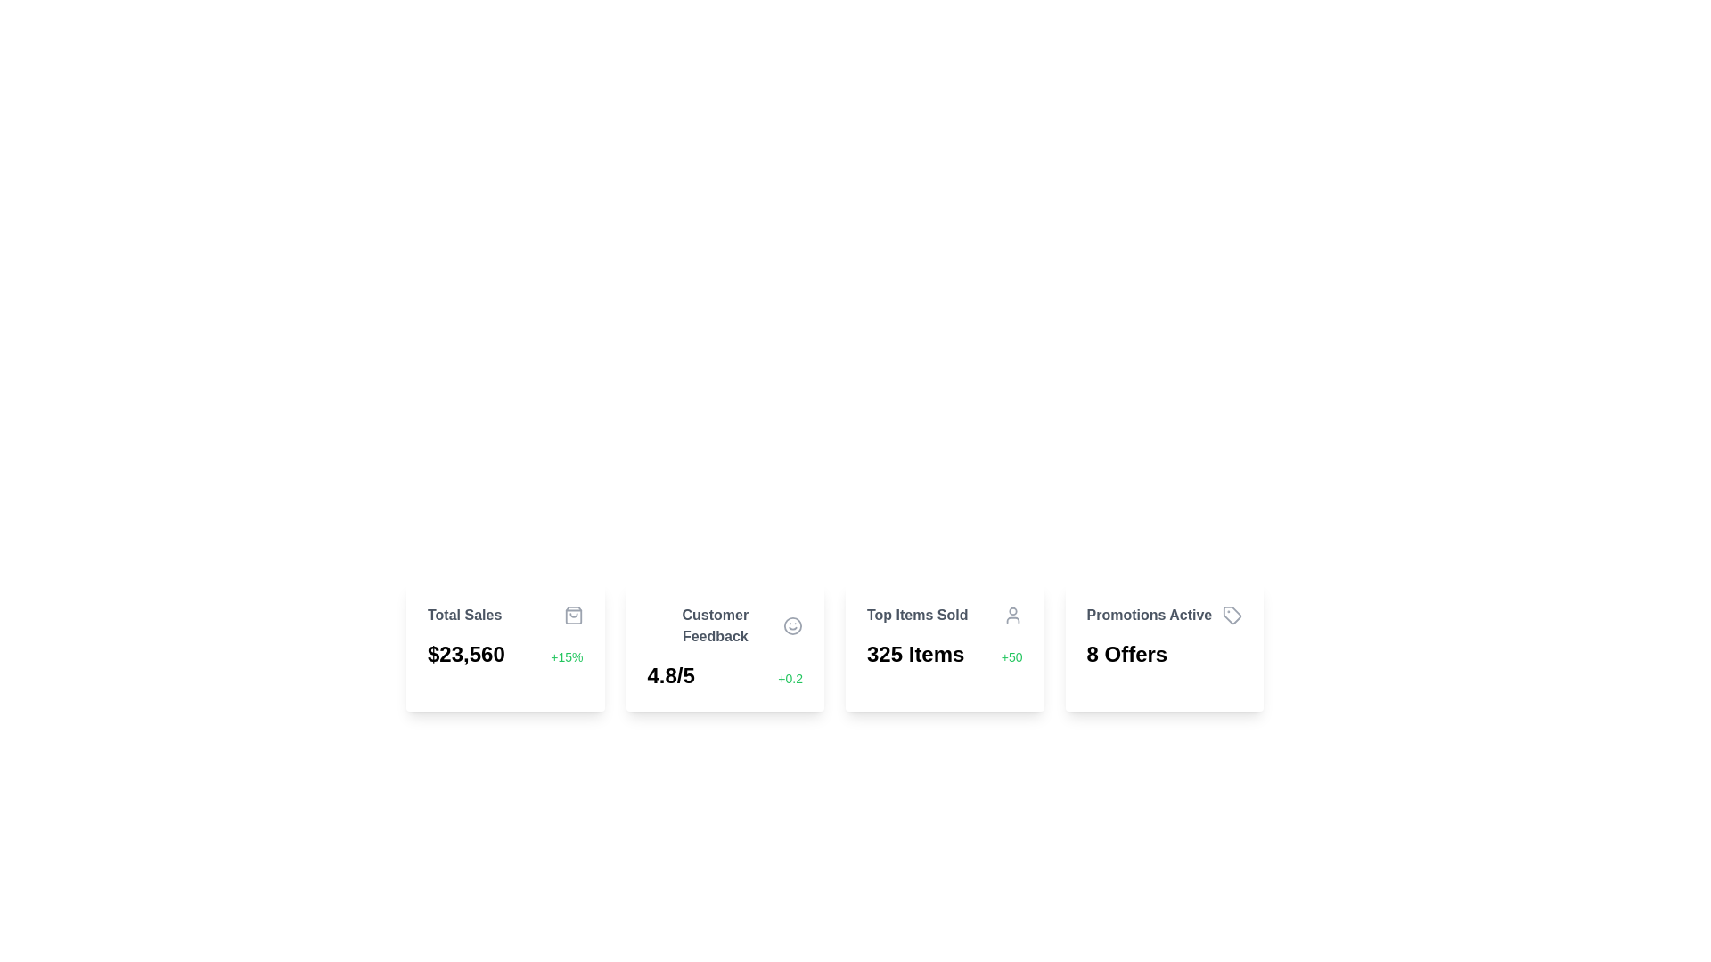  I want to click on the shopping bag icon, which is a simplistic vector graphic located within the 'Total Sales' card at the top-left of the dashboard layout, so click(573, 614).